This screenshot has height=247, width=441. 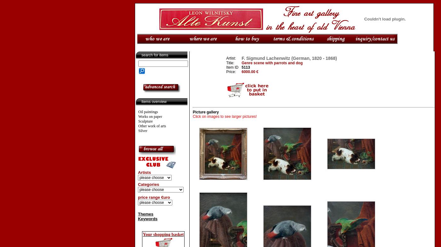 What do you see at coordinates (144, 172) in the screenshot?
I see `'Artists'` at bounding box center [144, 172].